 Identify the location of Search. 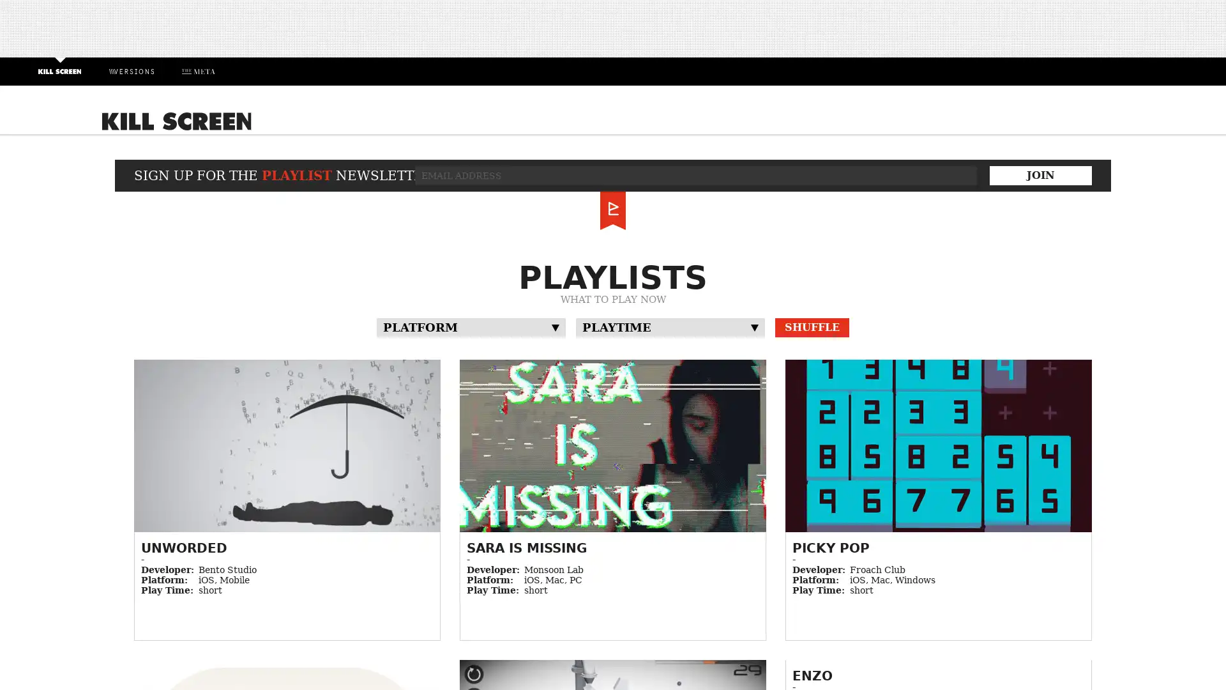
(1061, 125).